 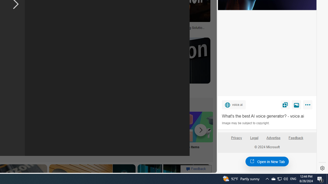 What do you see at coordinates (198, 126) in the screenshot?
I see `'Amazon Sale Items'` at bounding box center [198, 126].